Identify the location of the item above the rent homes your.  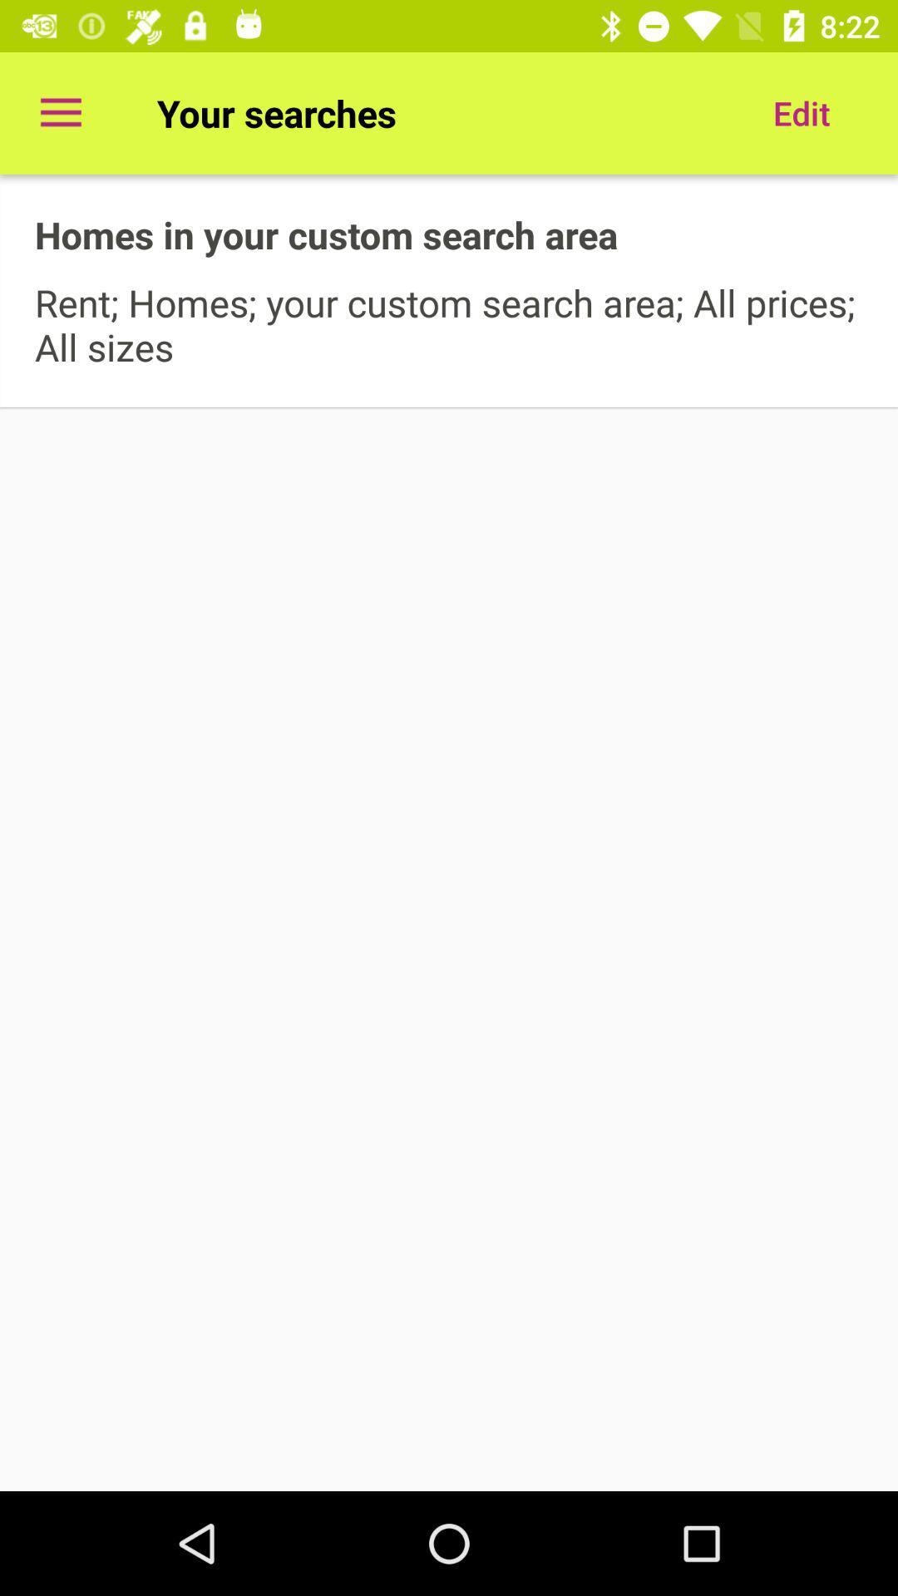
(801, 112).